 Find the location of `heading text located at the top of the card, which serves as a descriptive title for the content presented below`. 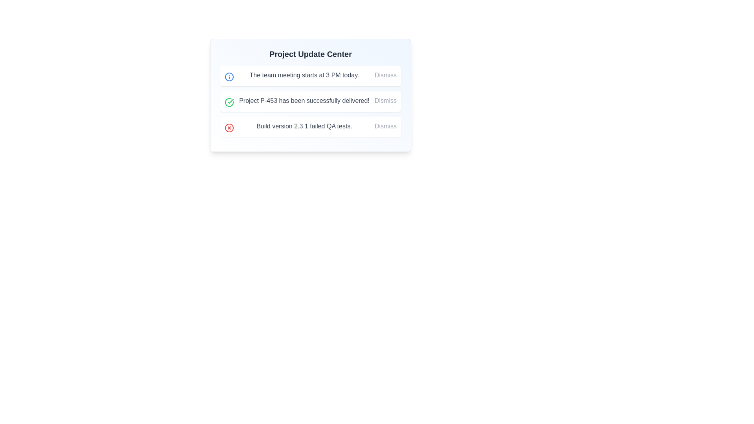

heading text located at the top of the card, which serves as a descriptive title for the content presented below is located at coordinates (310, 54).